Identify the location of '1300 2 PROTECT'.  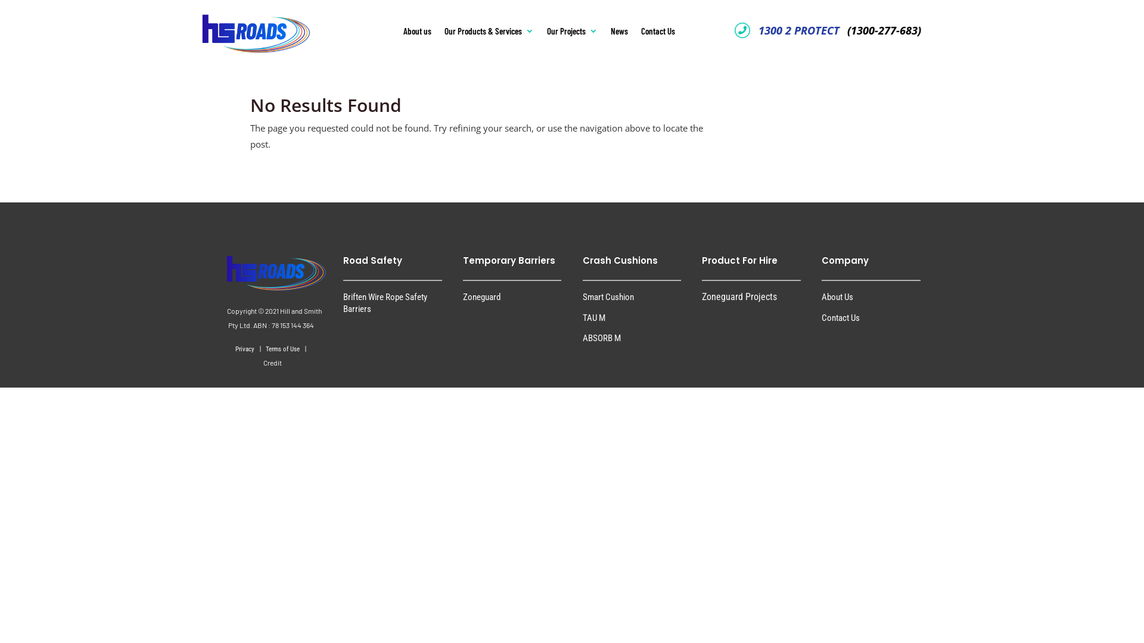
(798, 30).